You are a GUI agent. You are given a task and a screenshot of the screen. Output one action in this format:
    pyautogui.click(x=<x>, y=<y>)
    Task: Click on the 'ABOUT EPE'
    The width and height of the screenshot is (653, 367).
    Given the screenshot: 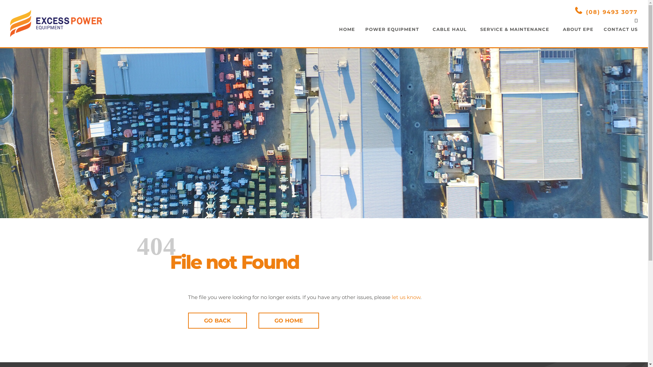 What is the action you would take?
    pyautogui.click(x=576, y=36)
    